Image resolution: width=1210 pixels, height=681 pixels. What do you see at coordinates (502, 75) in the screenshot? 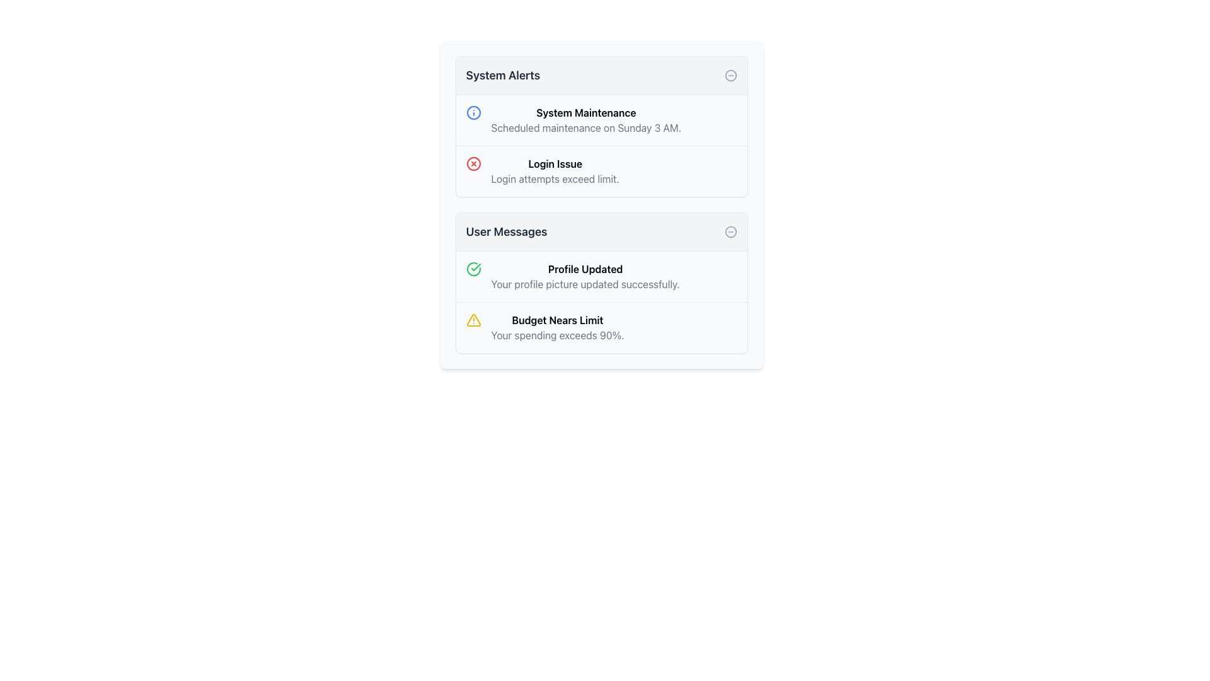
I see `the text label displaying 'System Alerts' in bold font and dark gray color, positioned in the header of the section` at bounding box center [502, 75].